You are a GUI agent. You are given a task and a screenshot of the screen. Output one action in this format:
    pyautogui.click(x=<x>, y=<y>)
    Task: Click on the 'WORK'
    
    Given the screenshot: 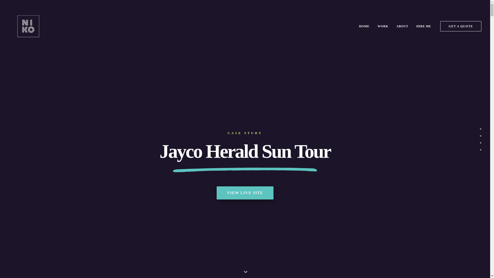 What is the action you would take?
    pyautogui.click(x=383, y=26)
    